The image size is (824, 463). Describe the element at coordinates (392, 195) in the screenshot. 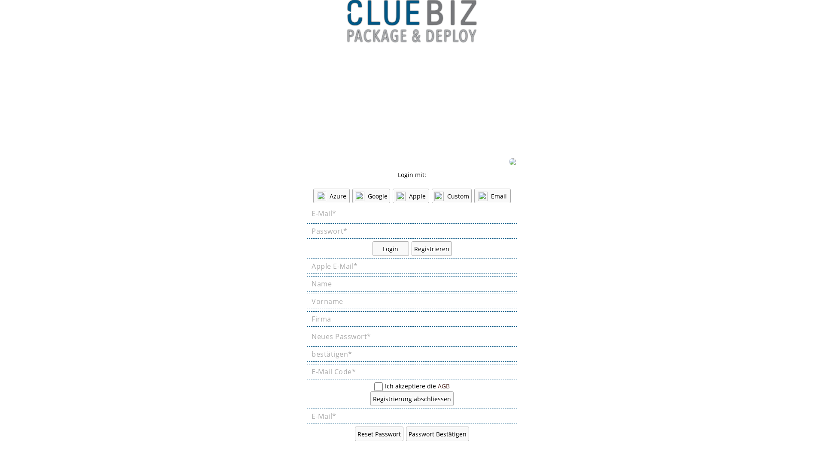

I see `'Apple'` at that location.